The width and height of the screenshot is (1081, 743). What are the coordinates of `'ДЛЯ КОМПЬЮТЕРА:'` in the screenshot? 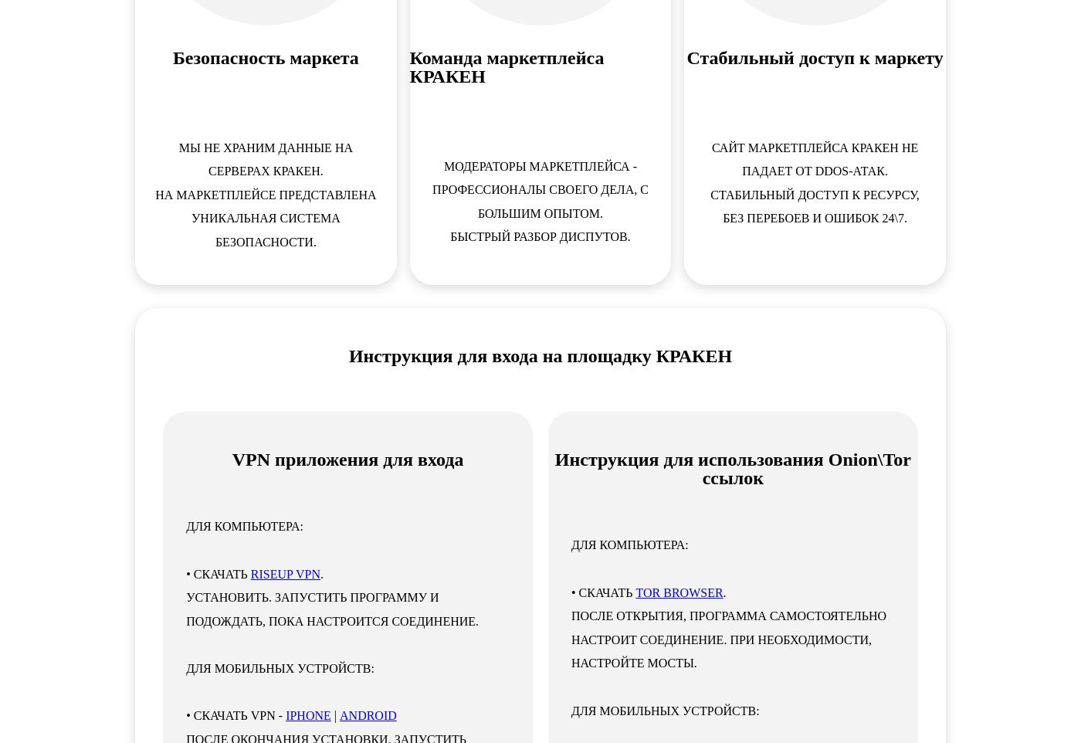 It's located at (244, 525).